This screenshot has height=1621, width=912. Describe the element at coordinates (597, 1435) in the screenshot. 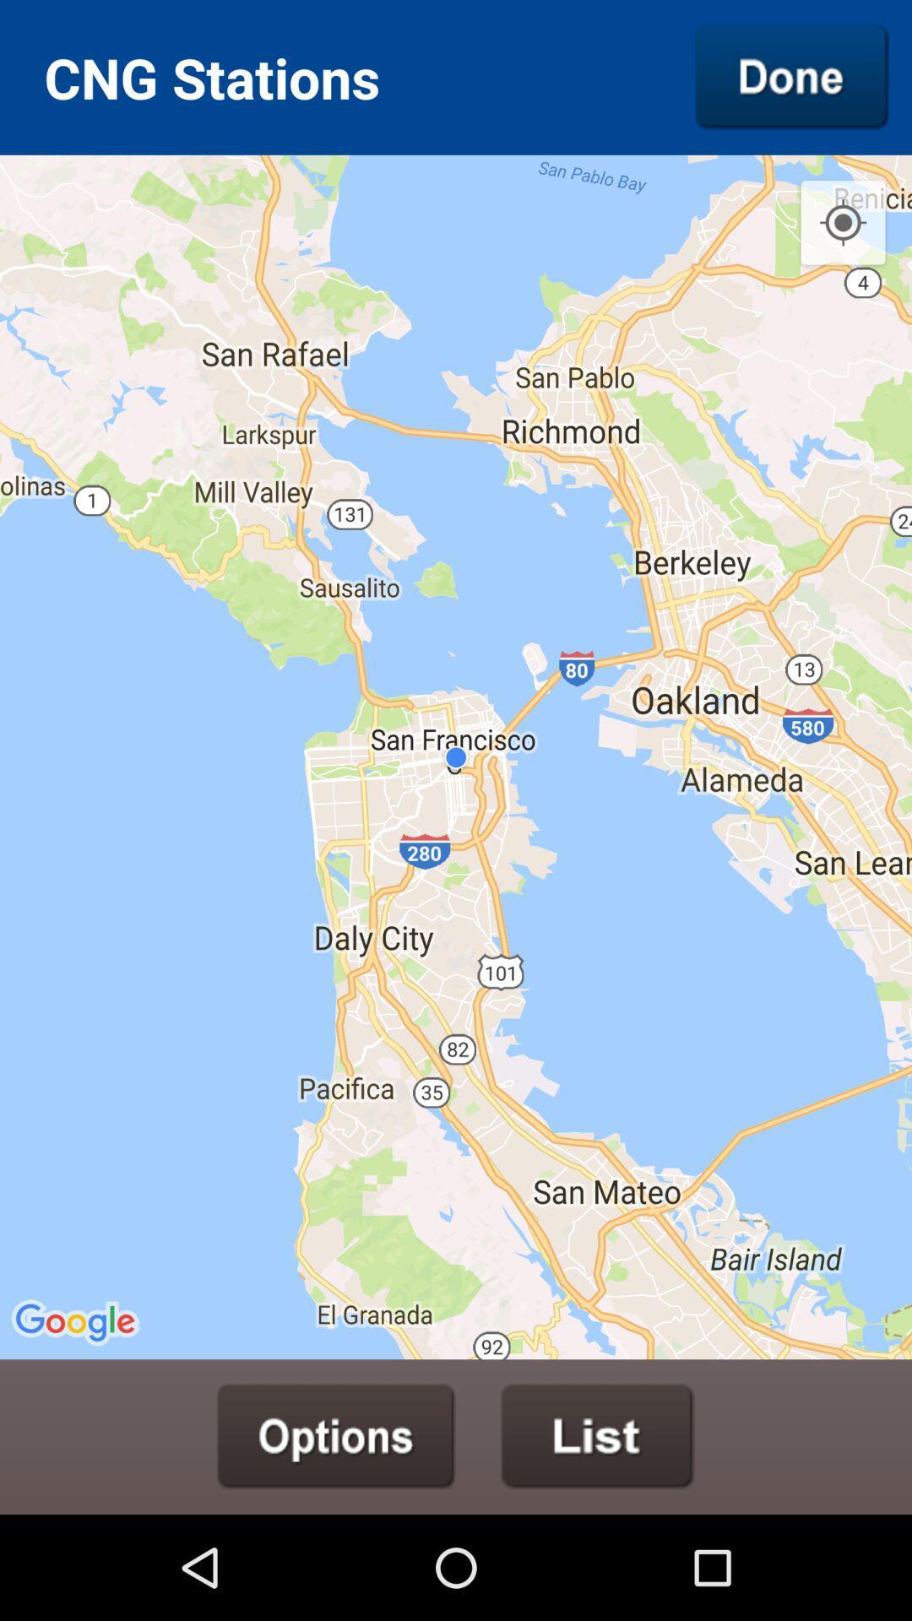

I see `show list` at that location.